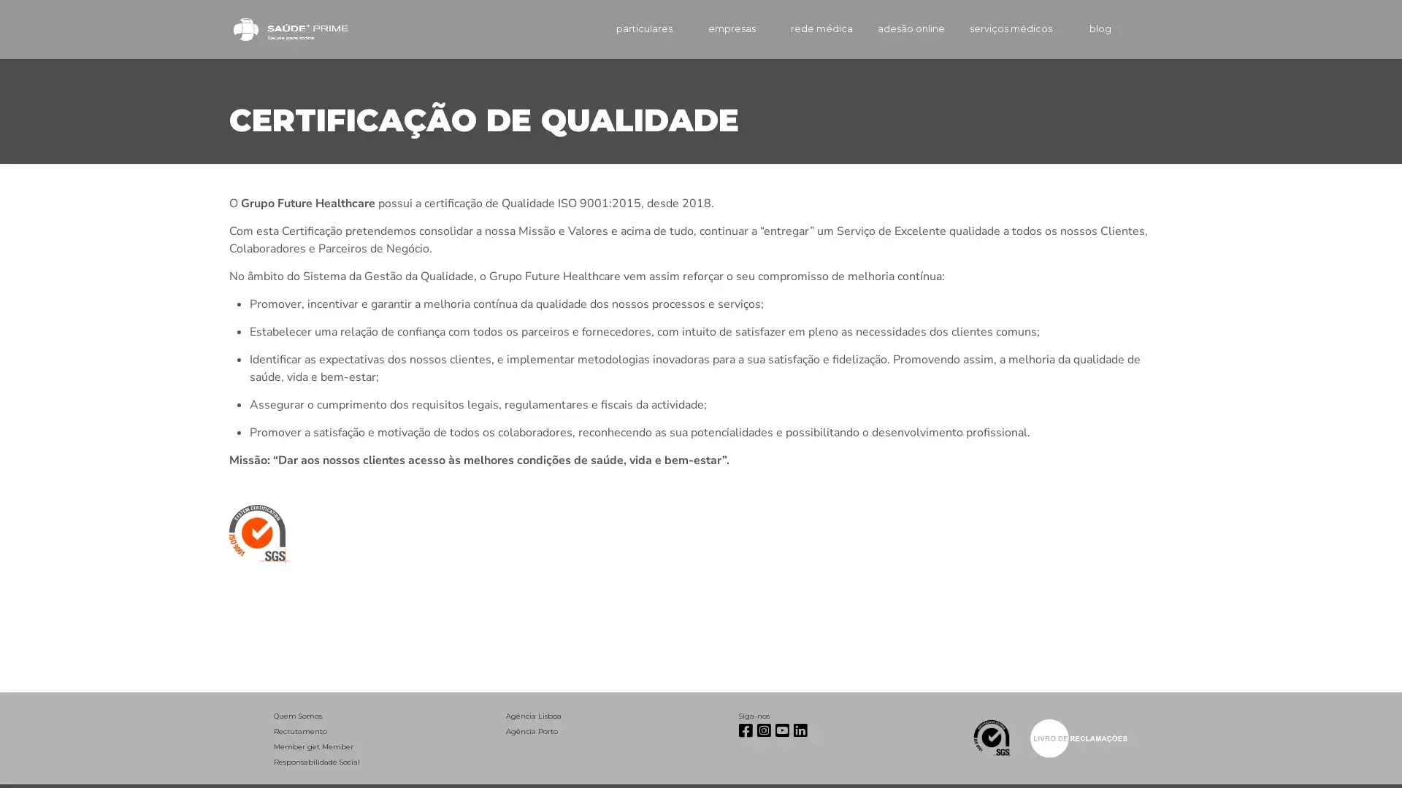 This screenshot has height=788, width=1402. I want to click on servicos medicos, so click(1001, 28).